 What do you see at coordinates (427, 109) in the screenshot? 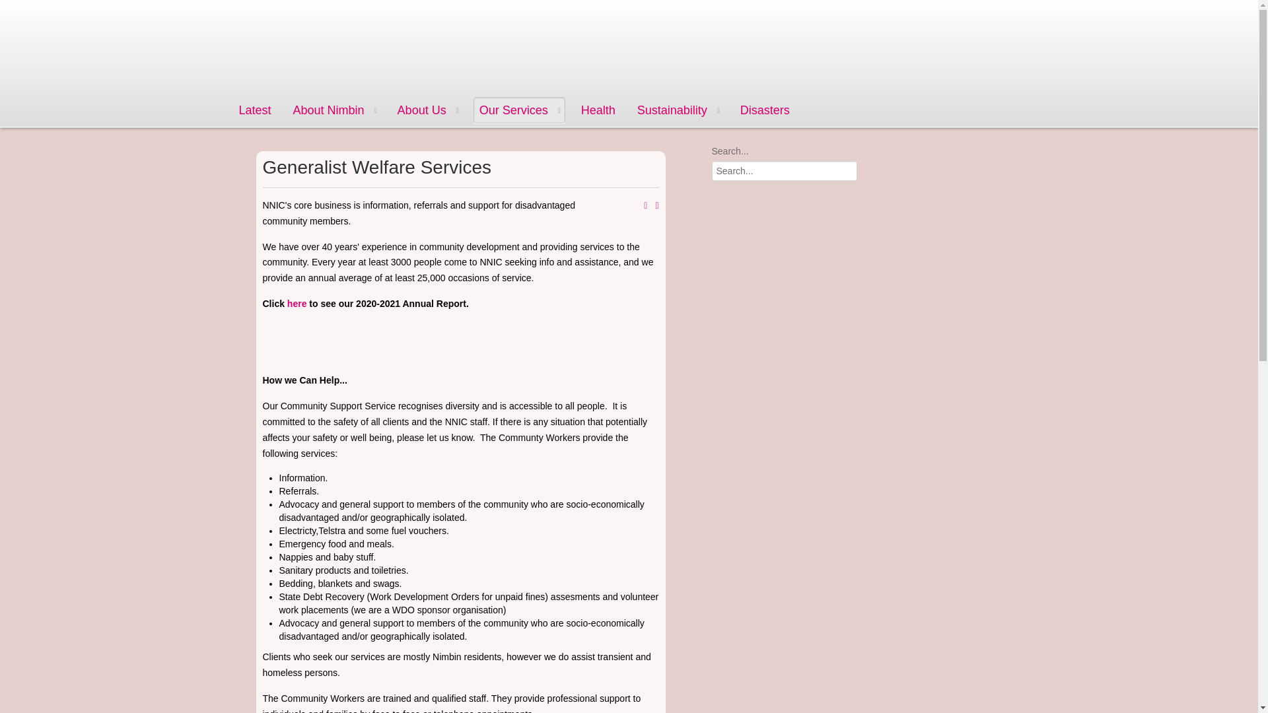
I see `'About Us'` at bounding box center [427, 109].